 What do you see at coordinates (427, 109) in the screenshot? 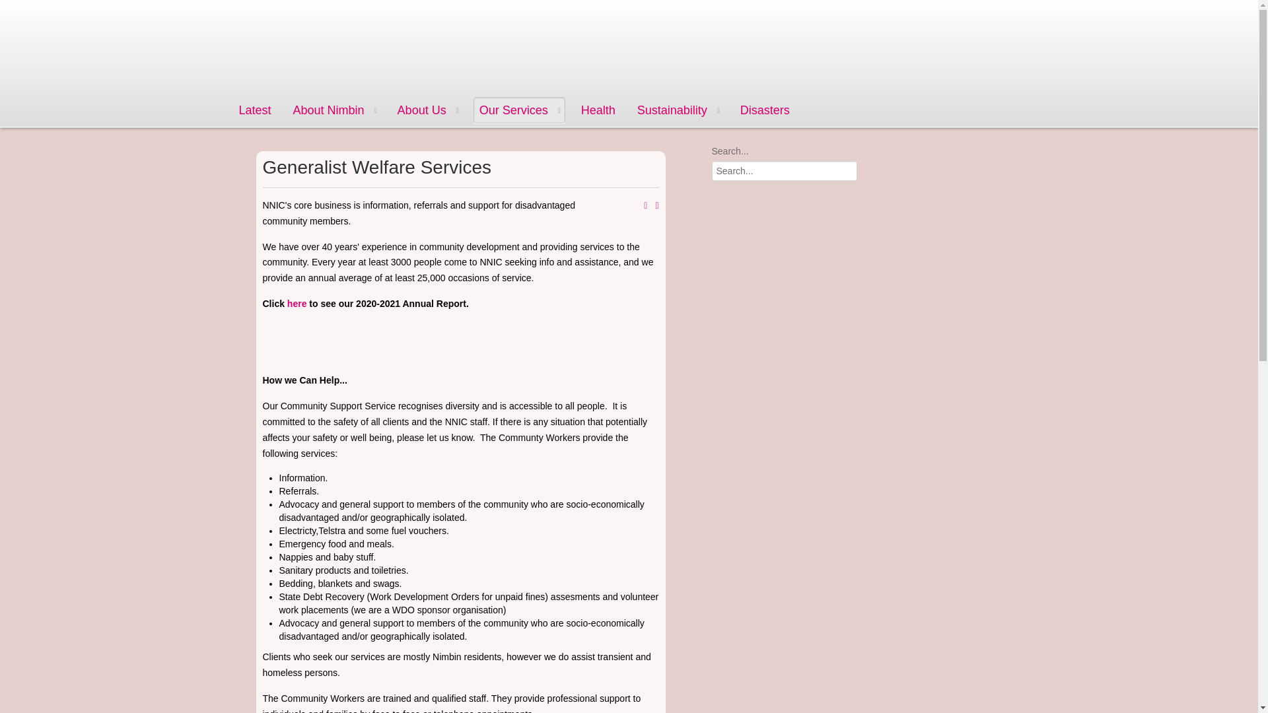
I see `'About Us'` at bounding box center [427, 109].